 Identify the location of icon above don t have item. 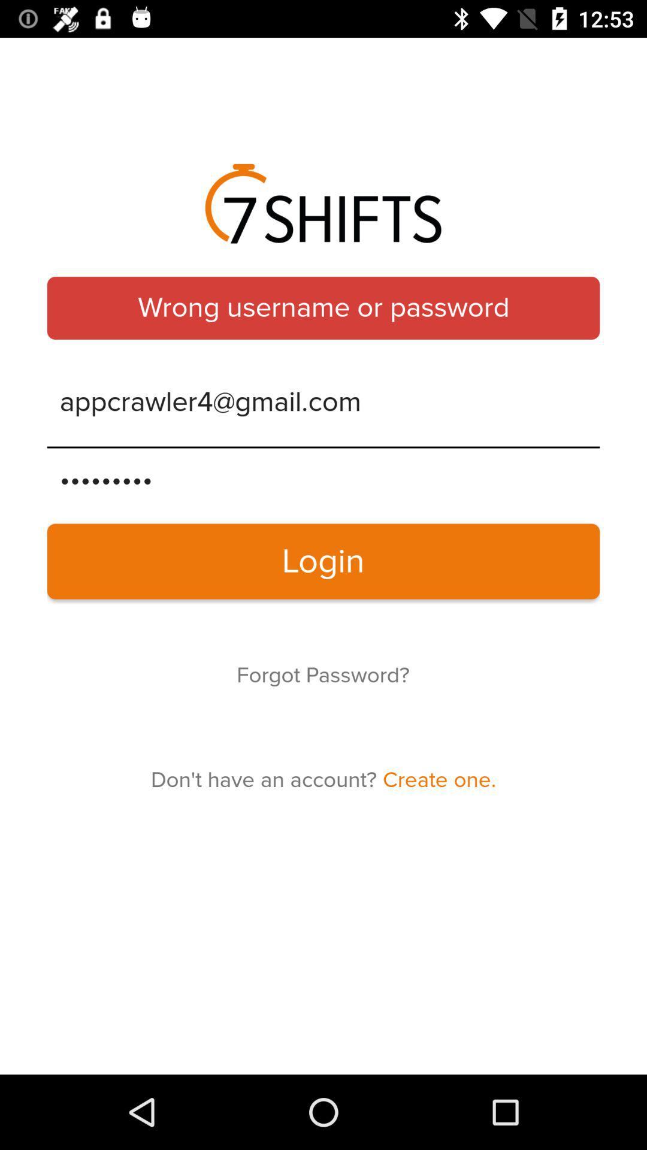
(322, 676).